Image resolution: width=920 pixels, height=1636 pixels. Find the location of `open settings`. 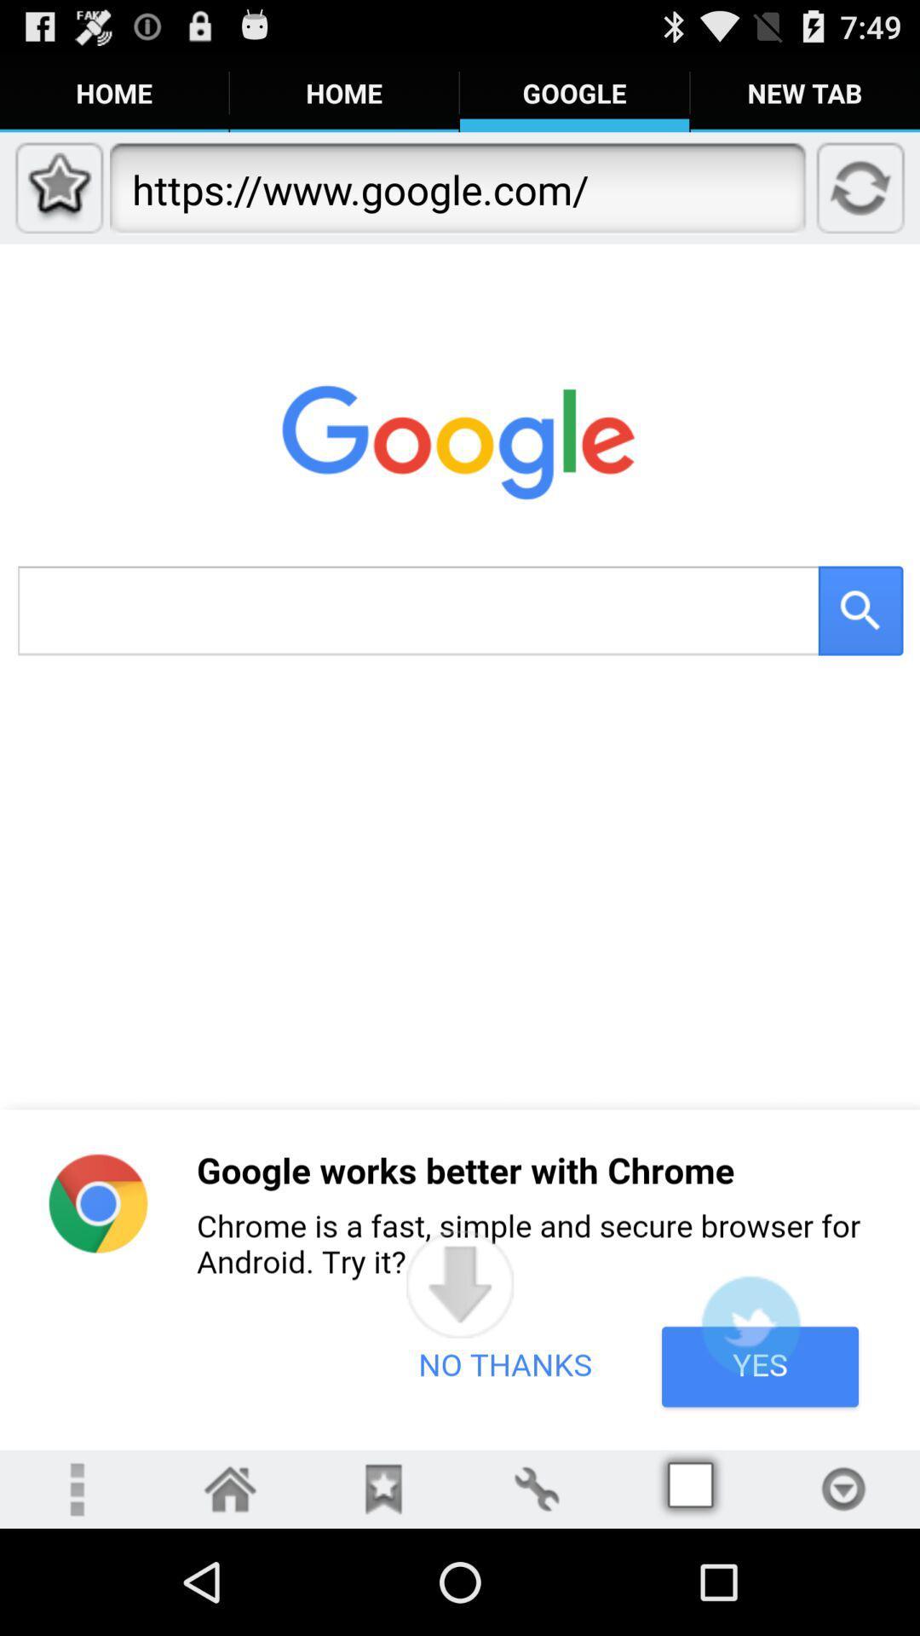

open settings is located at coordinates (535, 1488).